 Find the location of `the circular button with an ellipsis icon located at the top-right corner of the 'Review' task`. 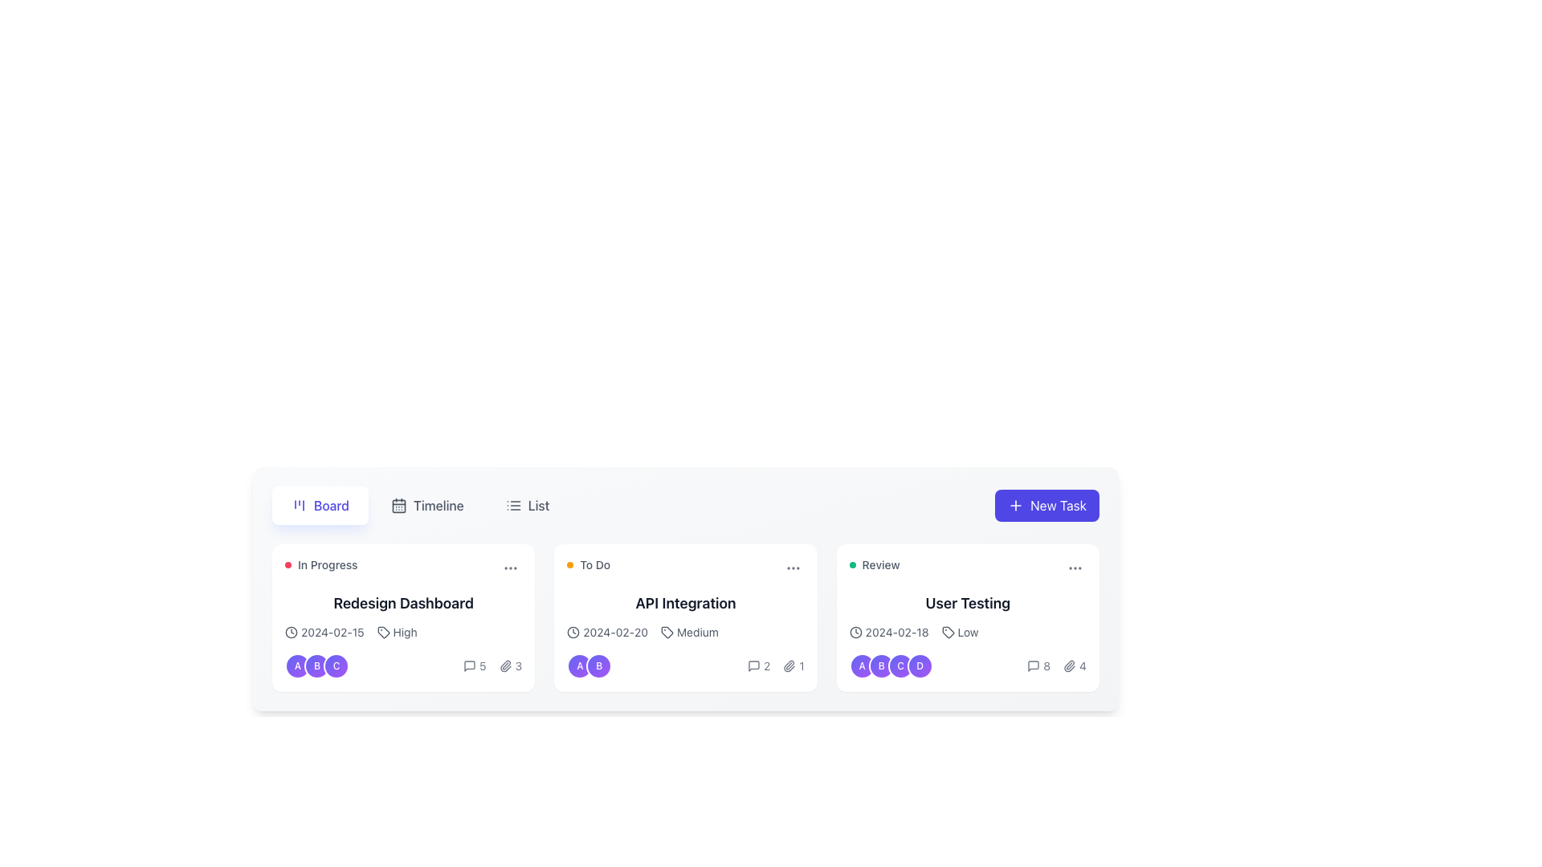

the circular button with an ellipsis icon located at the top-right corner of the 'Review' task is located at coordinates (1075, 568).